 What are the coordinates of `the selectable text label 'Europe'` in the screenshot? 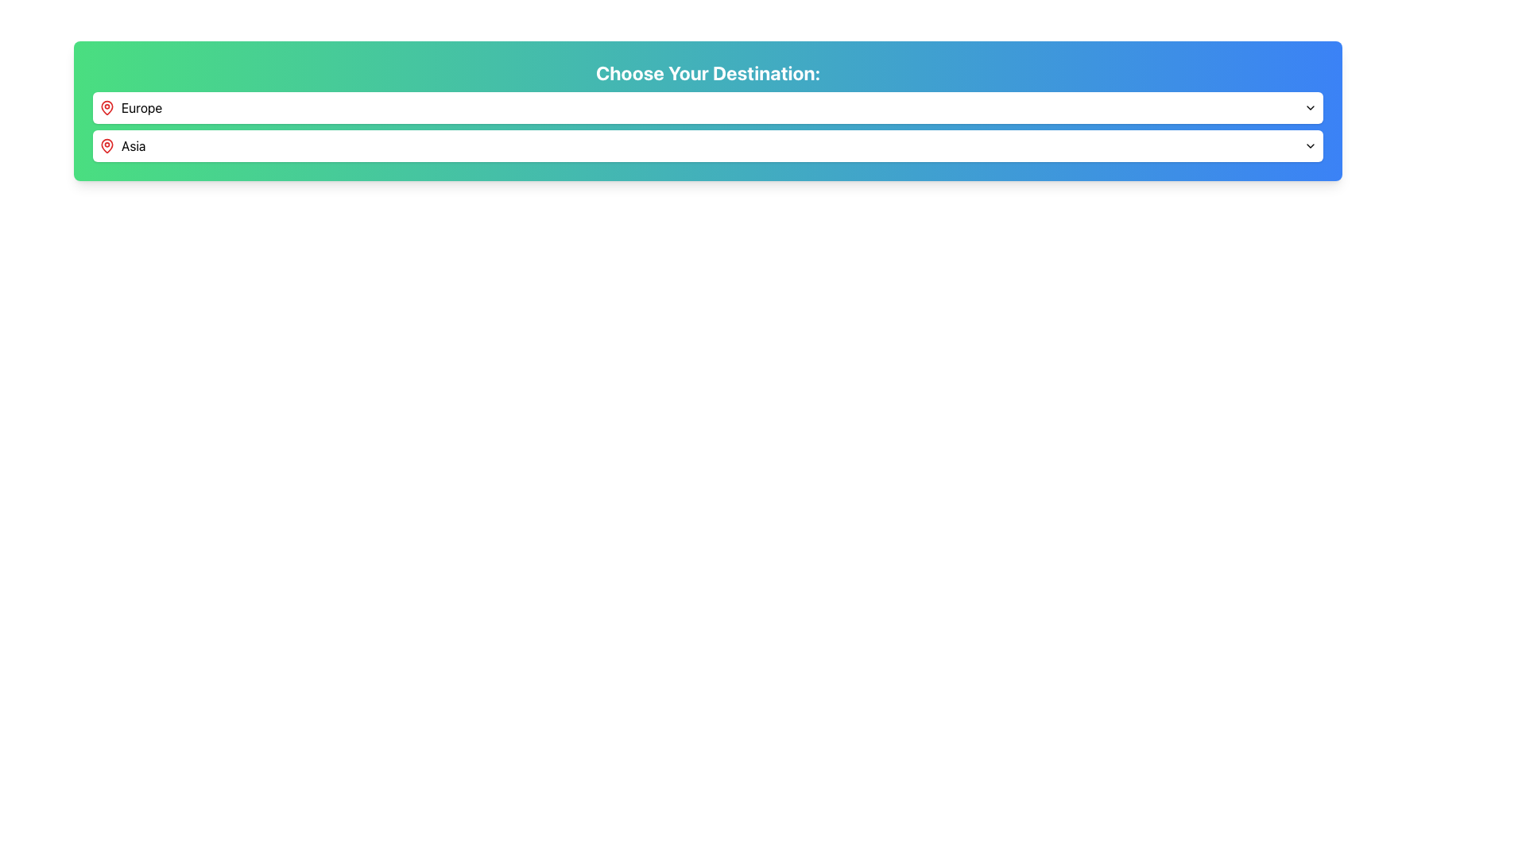 It's located at (141, 107).